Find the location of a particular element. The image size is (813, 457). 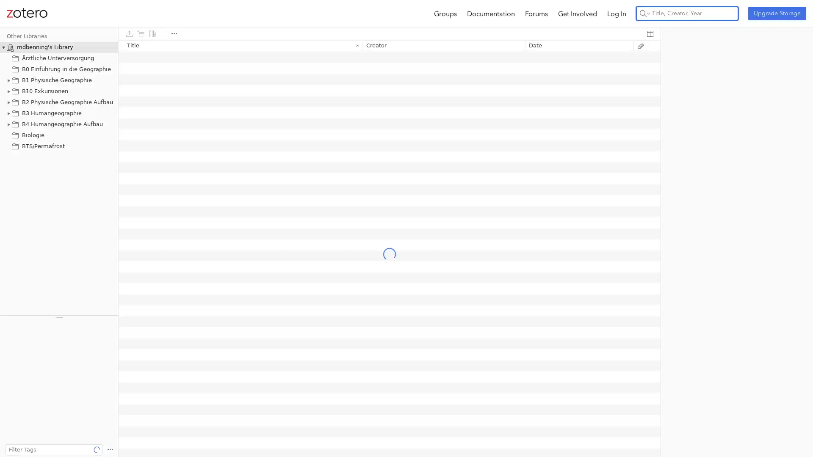

City sizes is located at coordinates (18, 369).